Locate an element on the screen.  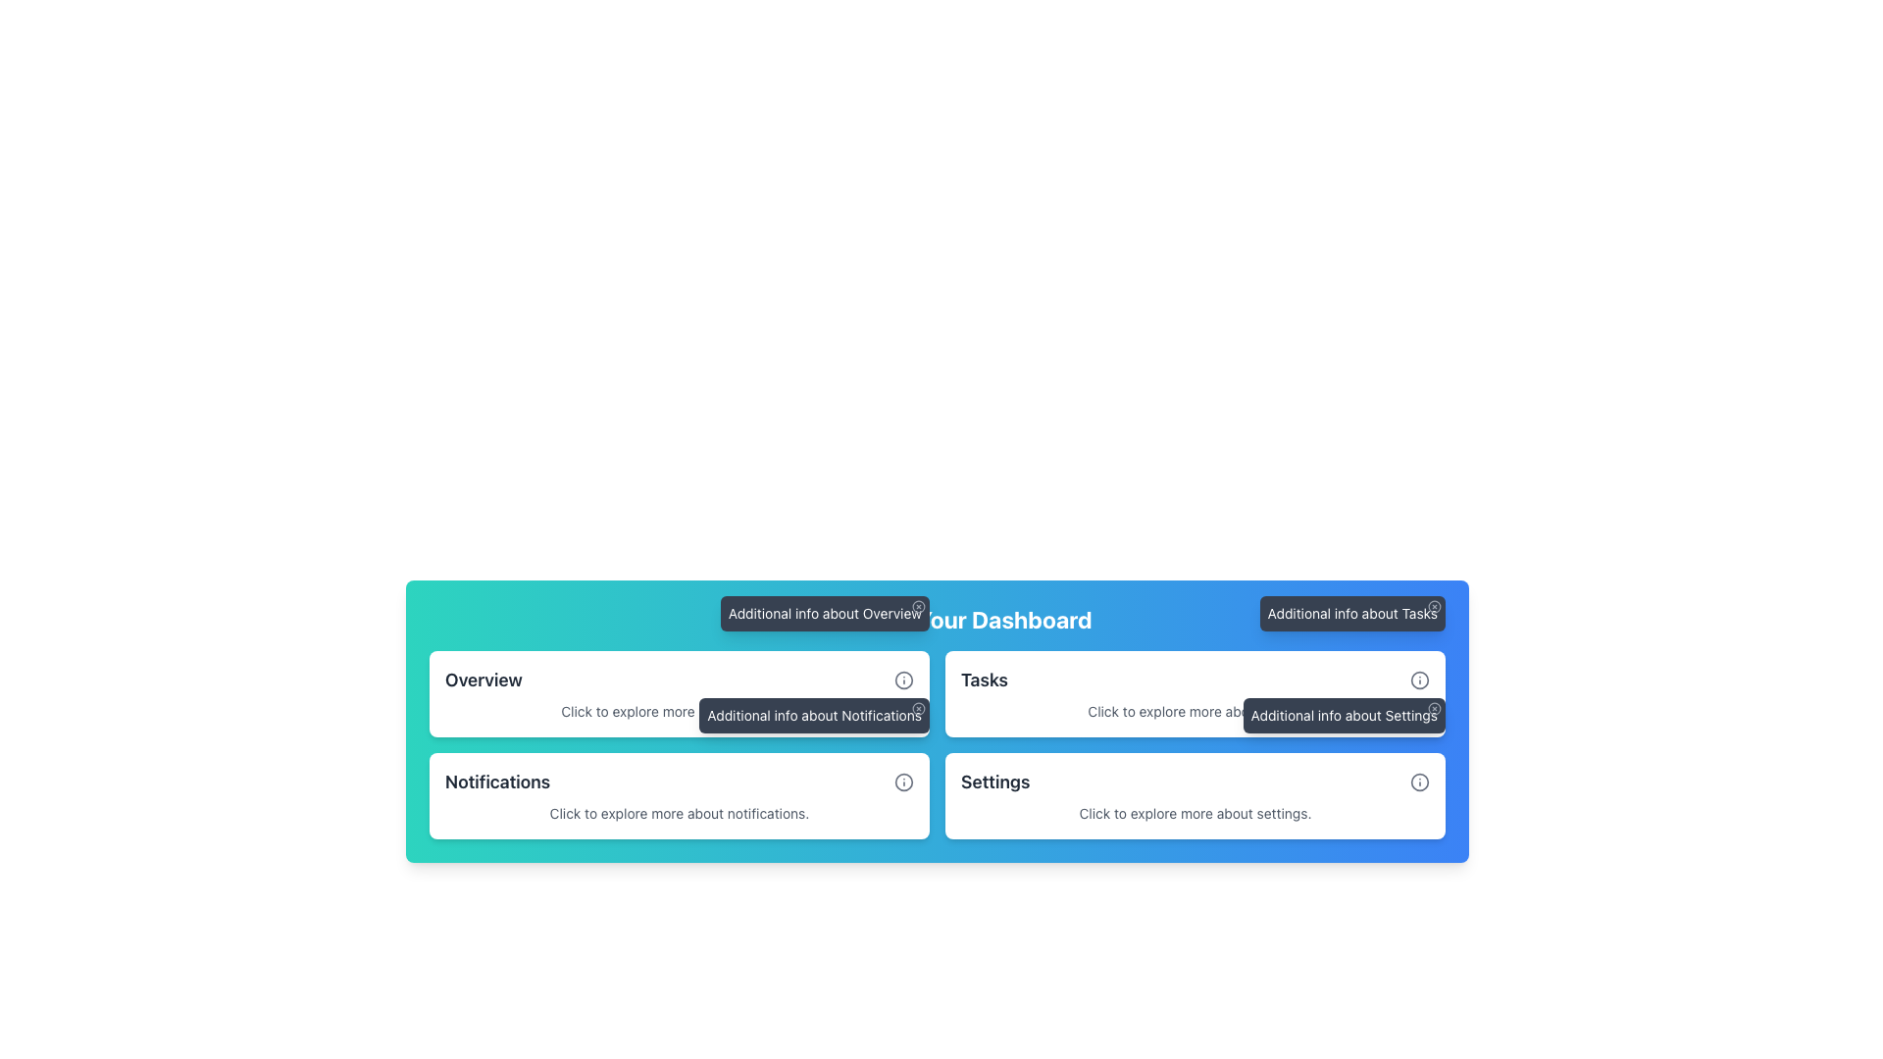
the text label displaying 'Click is located at coordinates (1195, 711).